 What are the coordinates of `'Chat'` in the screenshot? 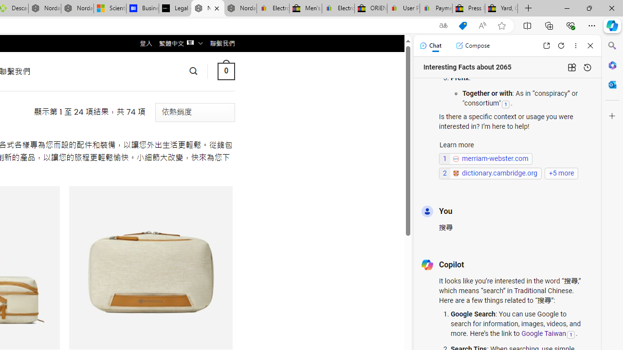 It's located at (430, 45).